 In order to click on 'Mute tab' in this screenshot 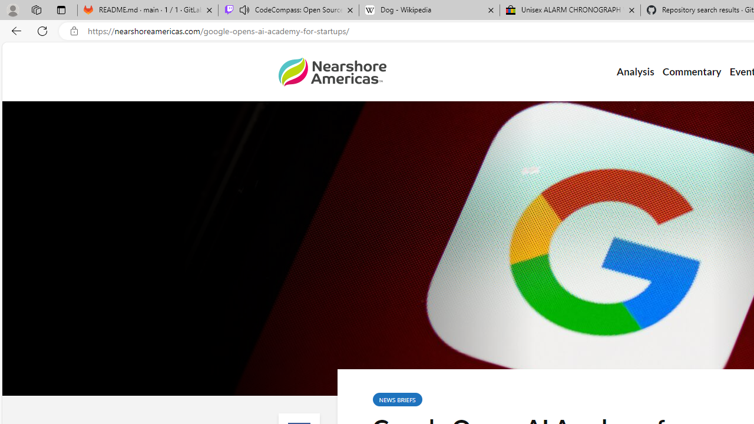, I will do `click(243, 9)`.